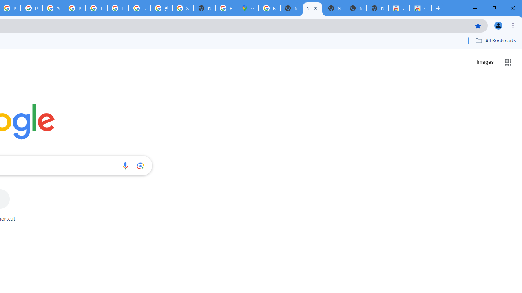  I want to click on 'Google Maps', so click(247, 8).